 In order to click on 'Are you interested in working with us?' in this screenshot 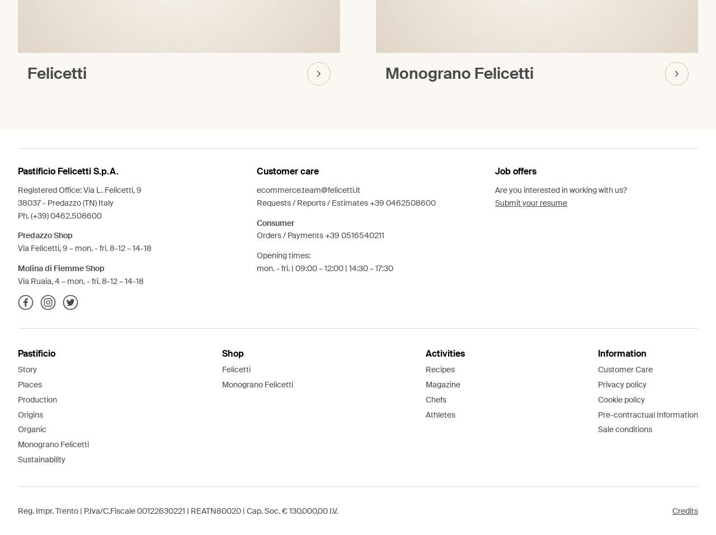, I will do `click(494, 190)`.